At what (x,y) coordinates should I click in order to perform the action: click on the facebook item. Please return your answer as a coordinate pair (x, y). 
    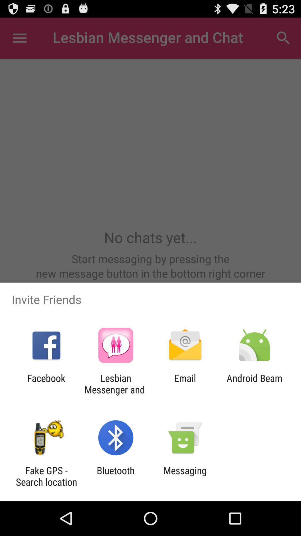
    Looking at the image, I should click on (46, 384).